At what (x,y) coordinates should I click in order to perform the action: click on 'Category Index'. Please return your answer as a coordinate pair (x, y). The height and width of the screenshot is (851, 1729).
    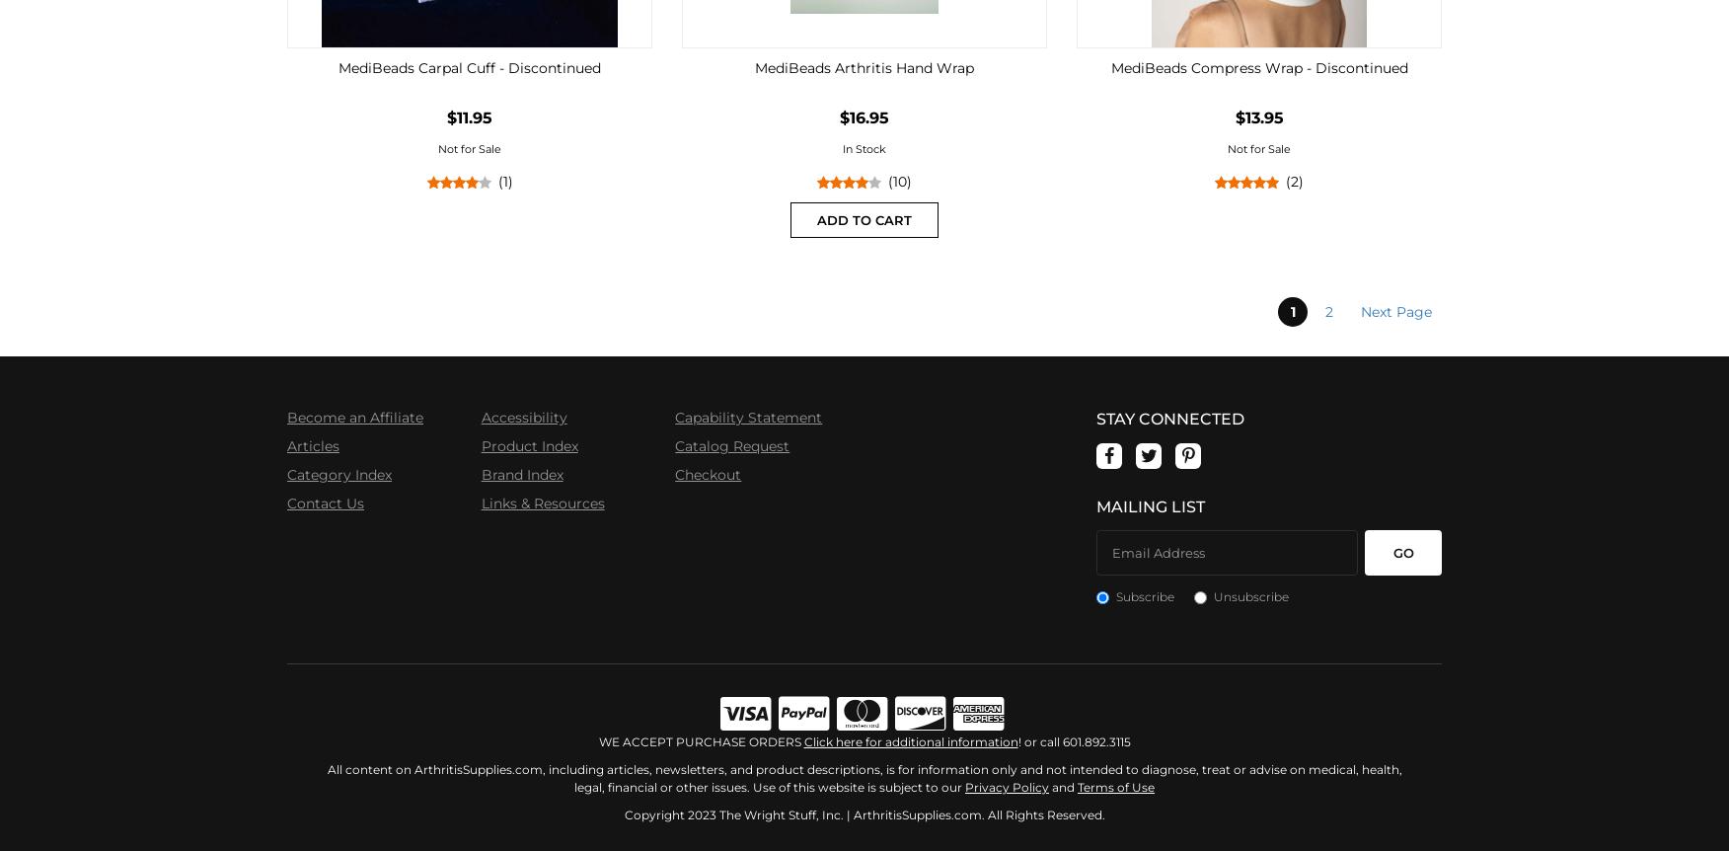
    Looking at the image, I should click on (338, 474).